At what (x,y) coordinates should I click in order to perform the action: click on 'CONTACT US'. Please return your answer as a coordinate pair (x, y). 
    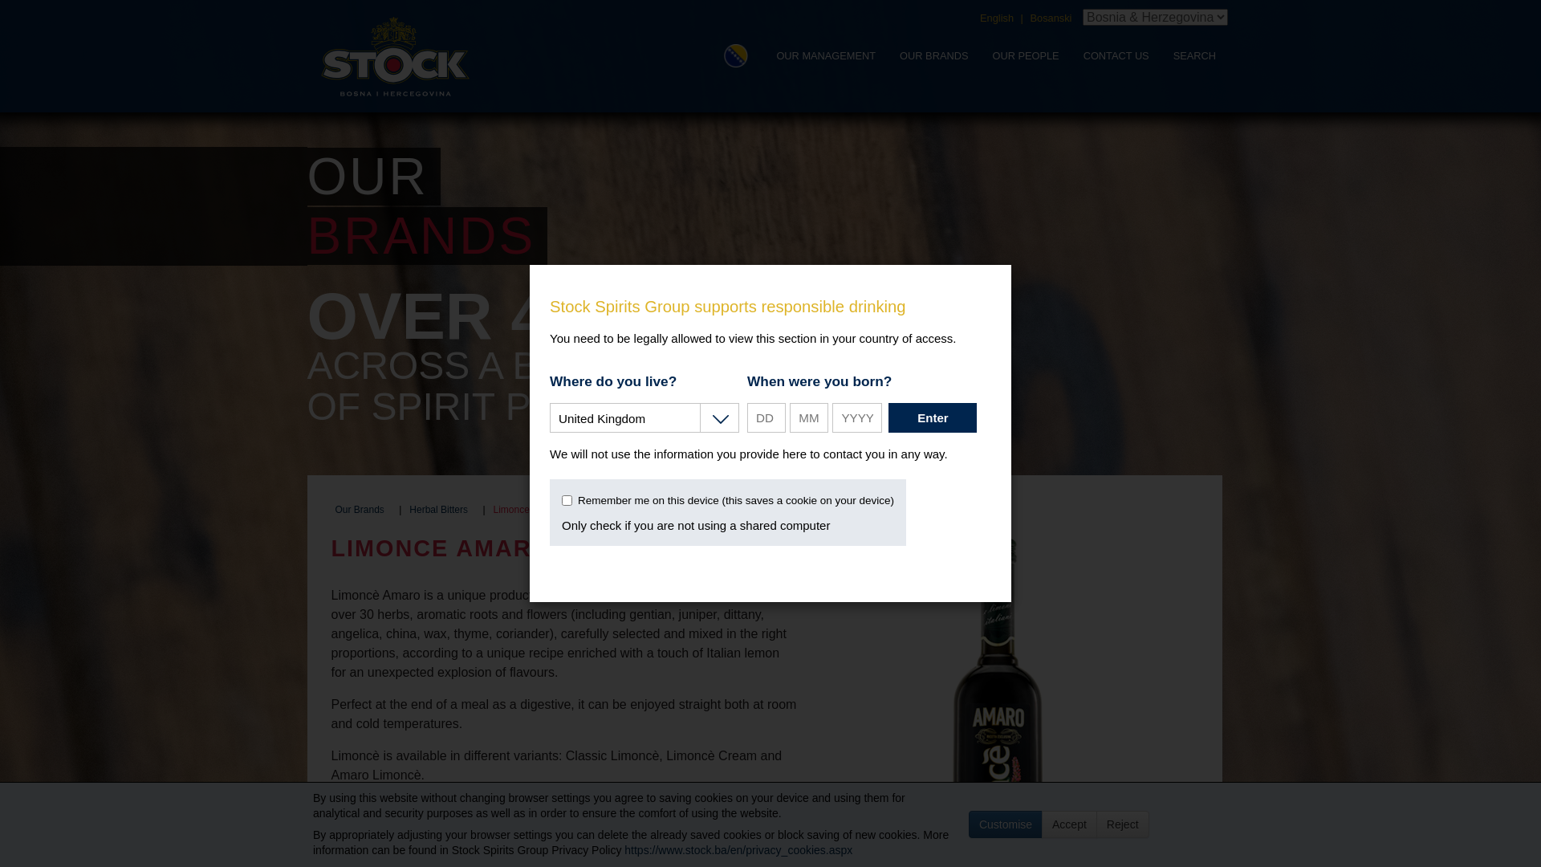
    Looking at the image, I should click on (1071, 55).